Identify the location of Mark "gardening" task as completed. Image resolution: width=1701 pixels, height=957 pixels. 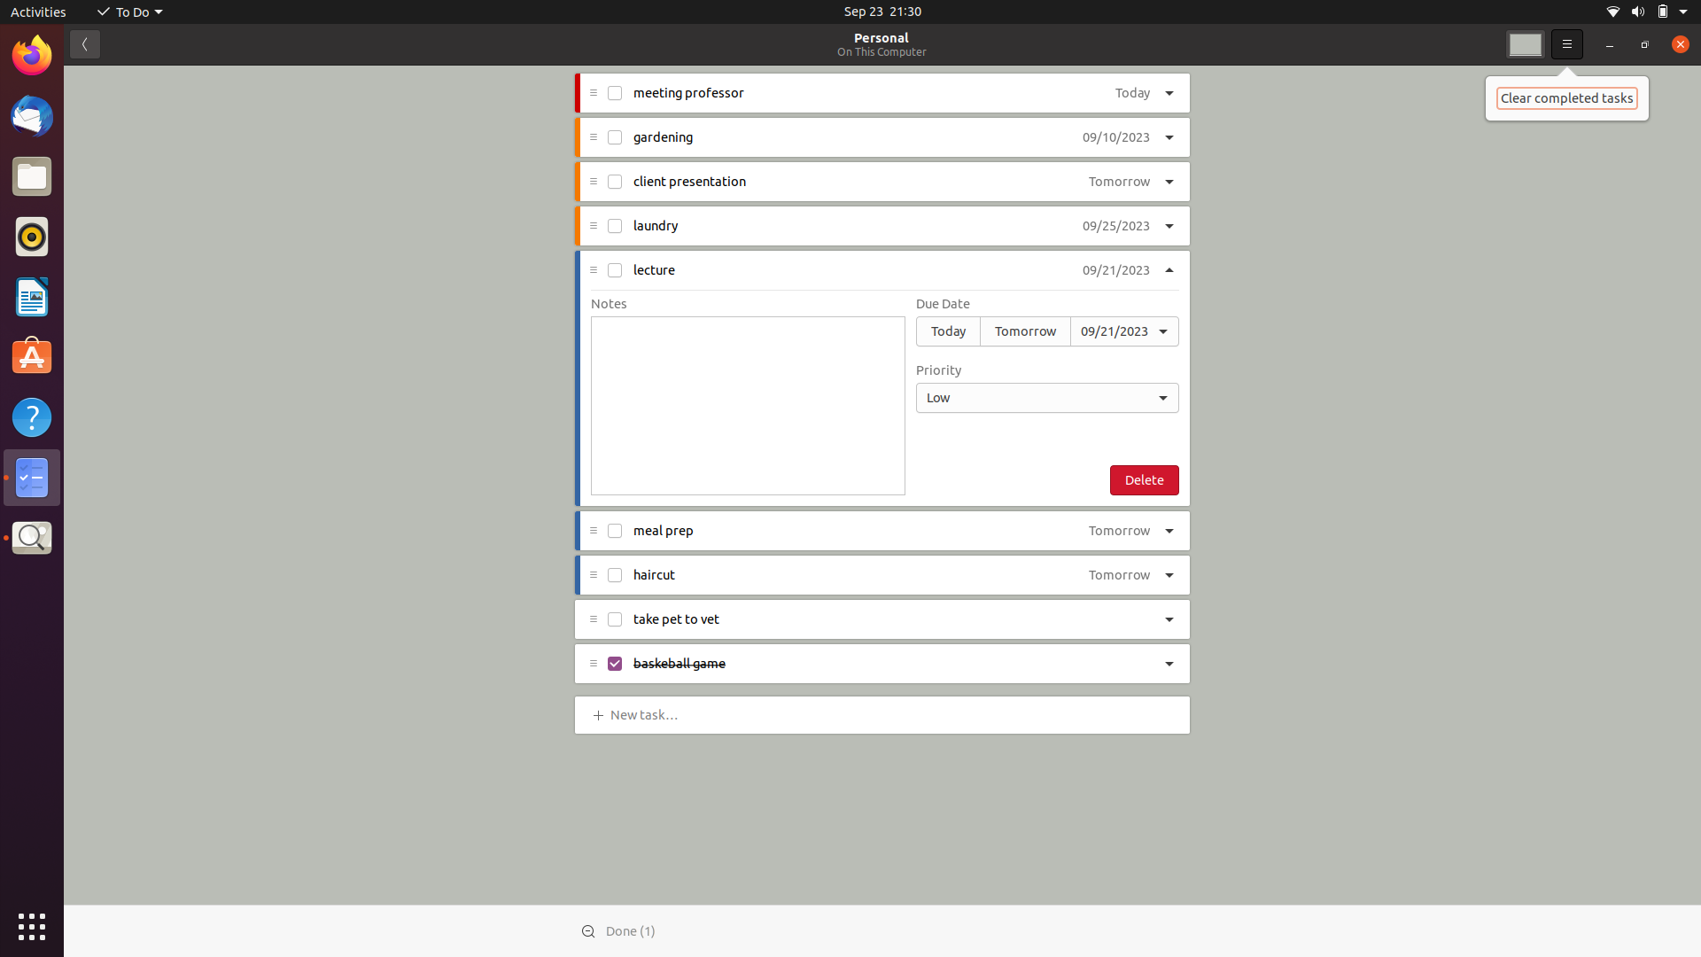
(615, 136).